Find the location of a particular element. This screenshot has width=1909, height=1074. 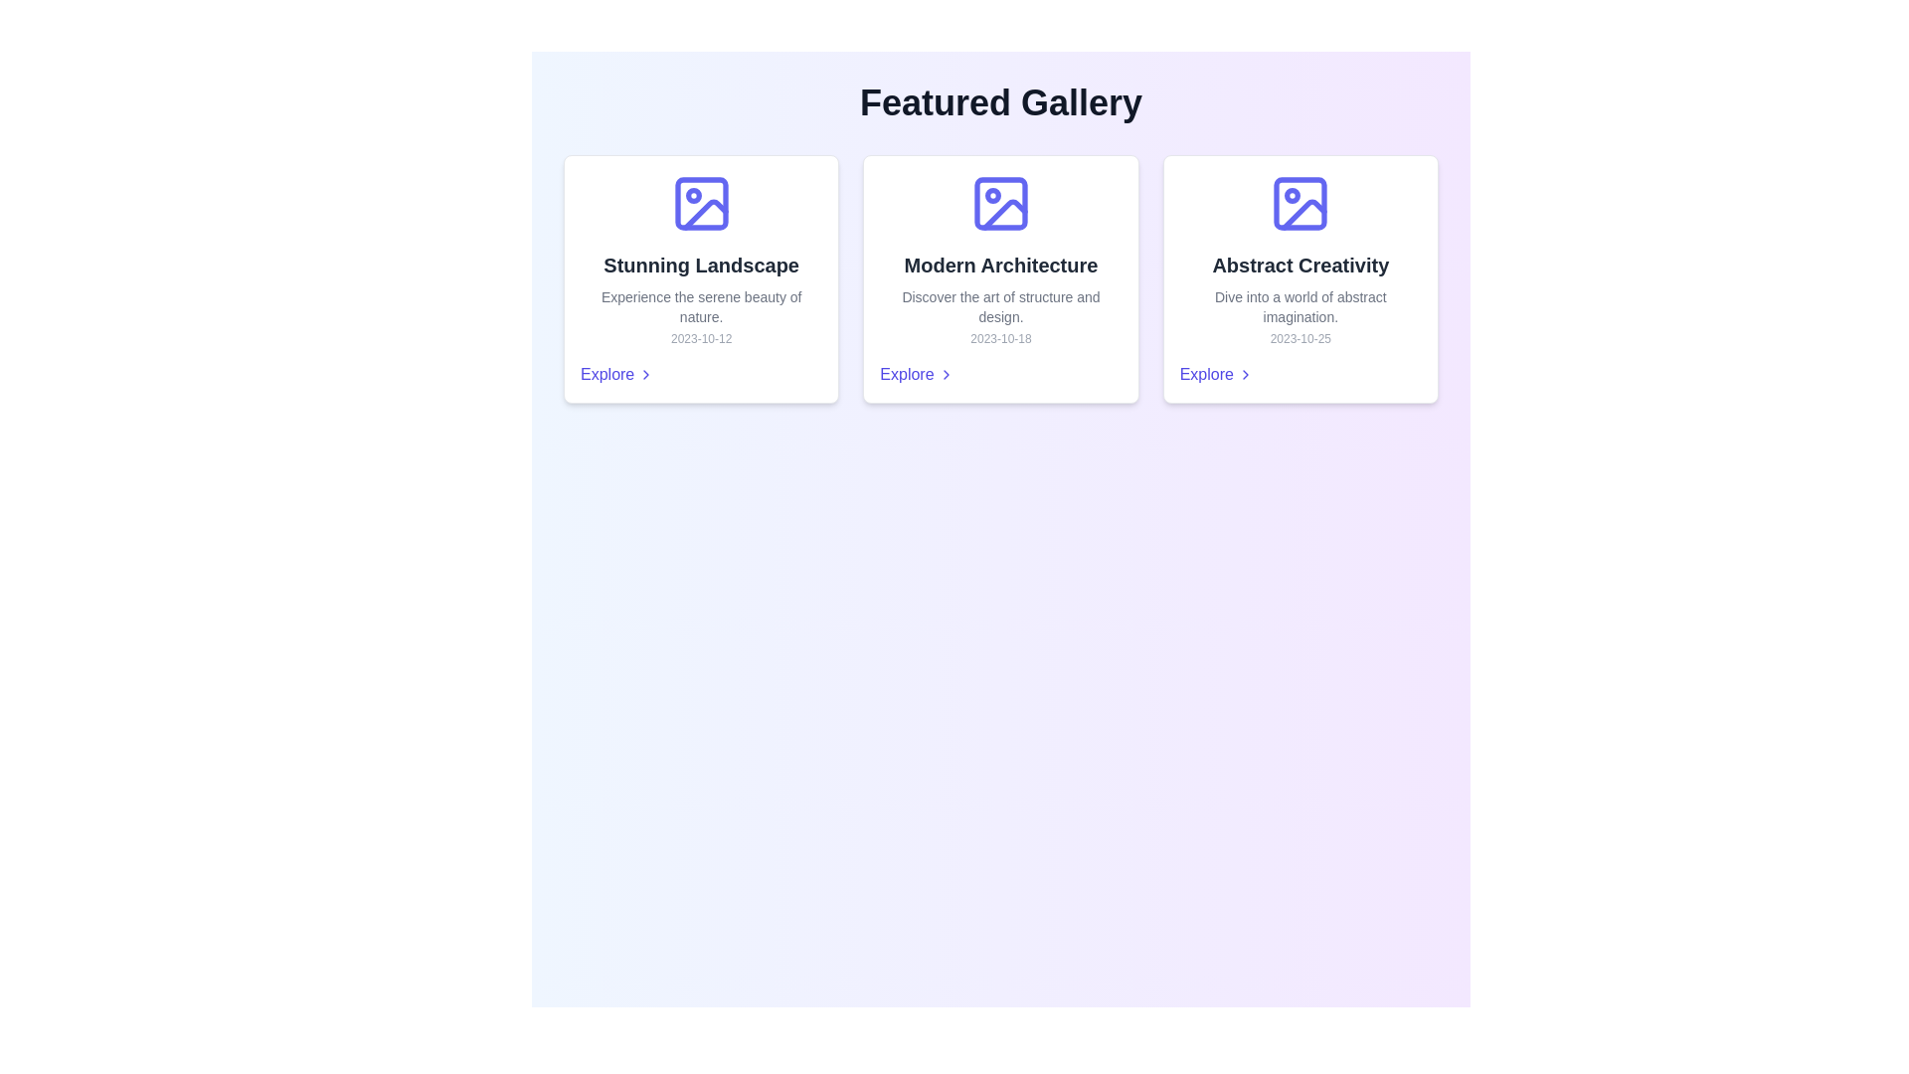

the rounded rectangle inside the SVG icon located in the first column of the gallery is located at coordinates (701, 203).